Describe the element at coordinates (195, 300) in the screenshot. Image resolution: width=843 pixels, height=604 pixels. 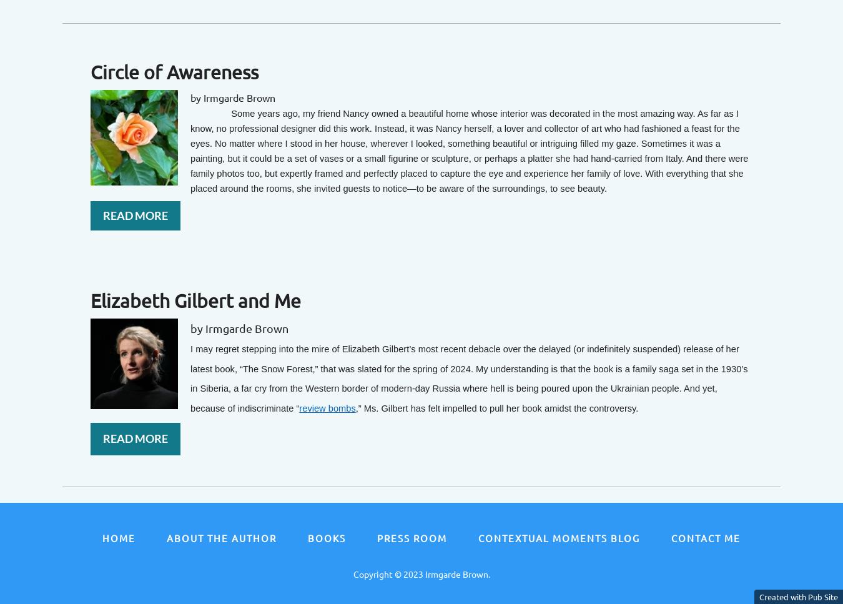
I see `'Elizabeth Gilbert and Me'` at that location.